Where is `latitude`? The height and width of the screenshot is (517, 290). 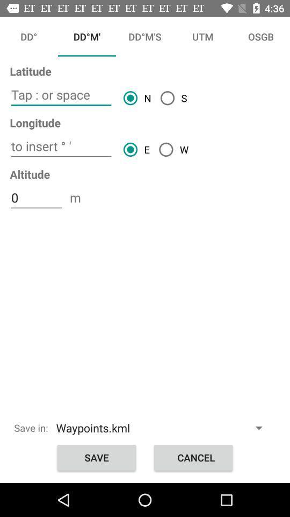
latitude is located at coordinates (61, 94).